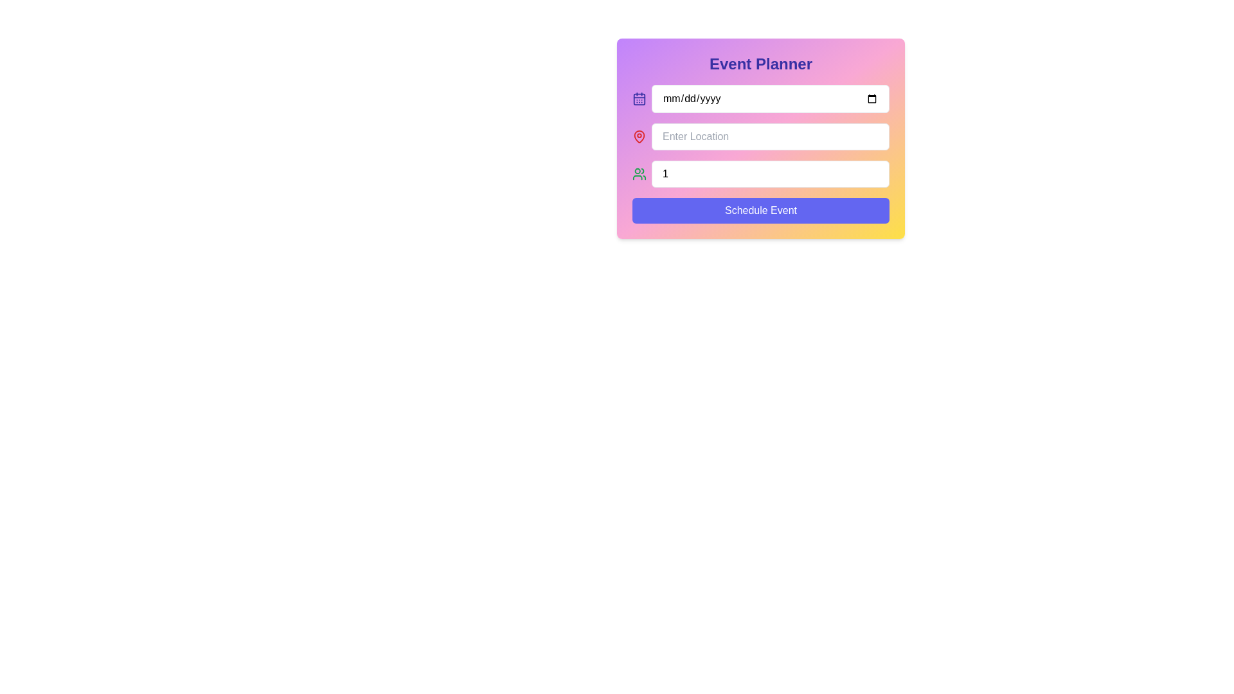  What do you see at coordinates (639, 98) in the screenshot?
I see `the calendar icon segment representing the date display area in the 'Event Planner' interface, located on the left of the 'mm/dd/yyyy' input field` at bounding box center [639, 98].